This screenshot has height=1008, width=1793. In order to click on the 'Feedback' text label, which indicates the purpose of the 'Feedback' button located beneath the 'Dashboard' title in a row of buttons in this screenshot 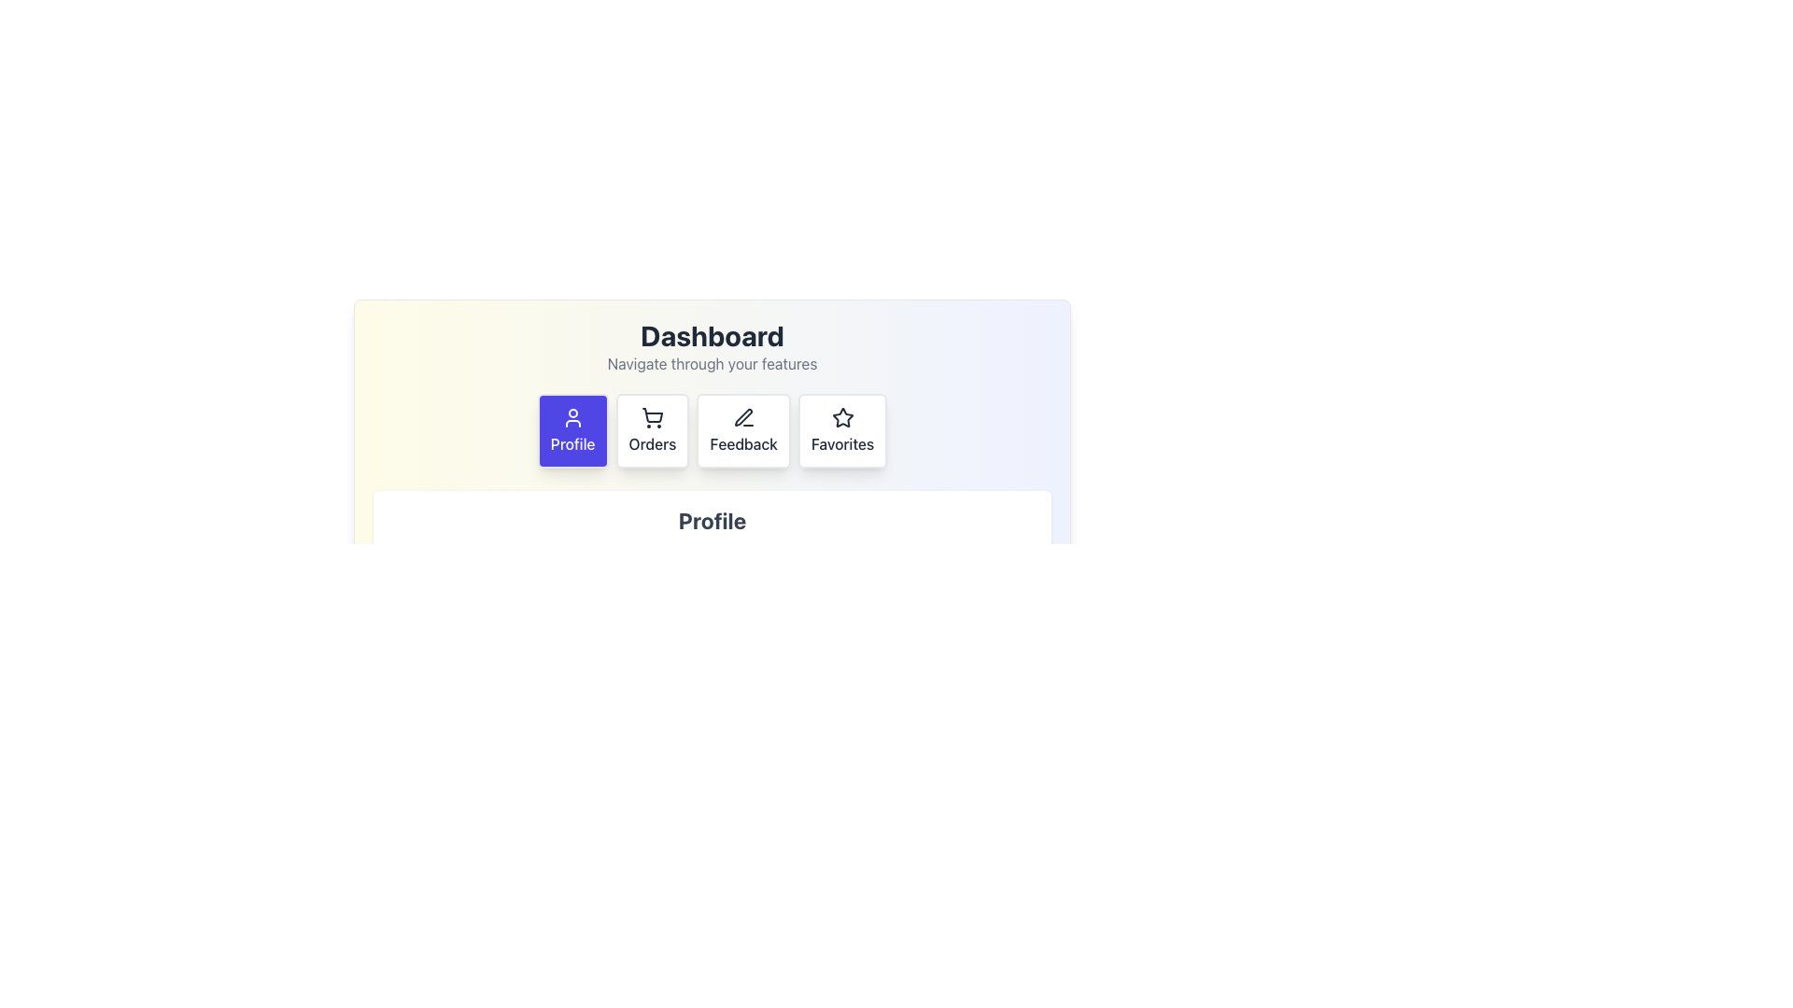, I will do `click(742, 443)`.